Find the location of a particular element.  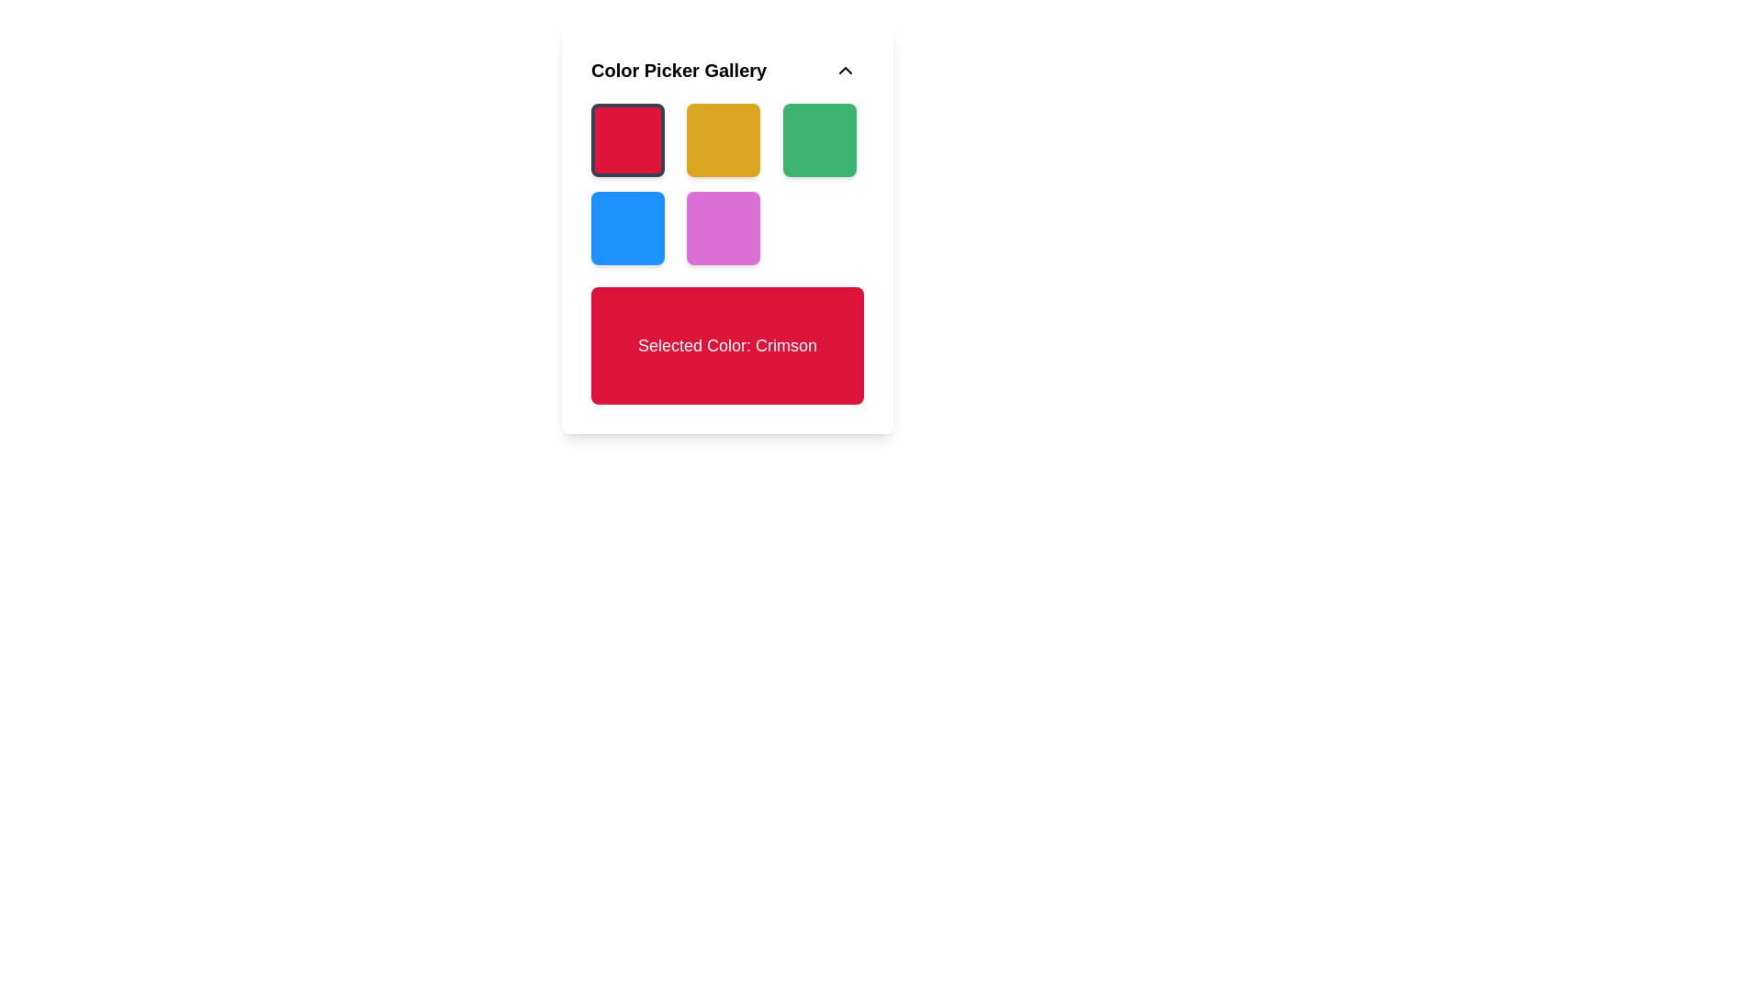

the 'MediumSeaGreen' button, which is the third item in the first row of a 3x2 grid layout is located at coordinates (818, 139).